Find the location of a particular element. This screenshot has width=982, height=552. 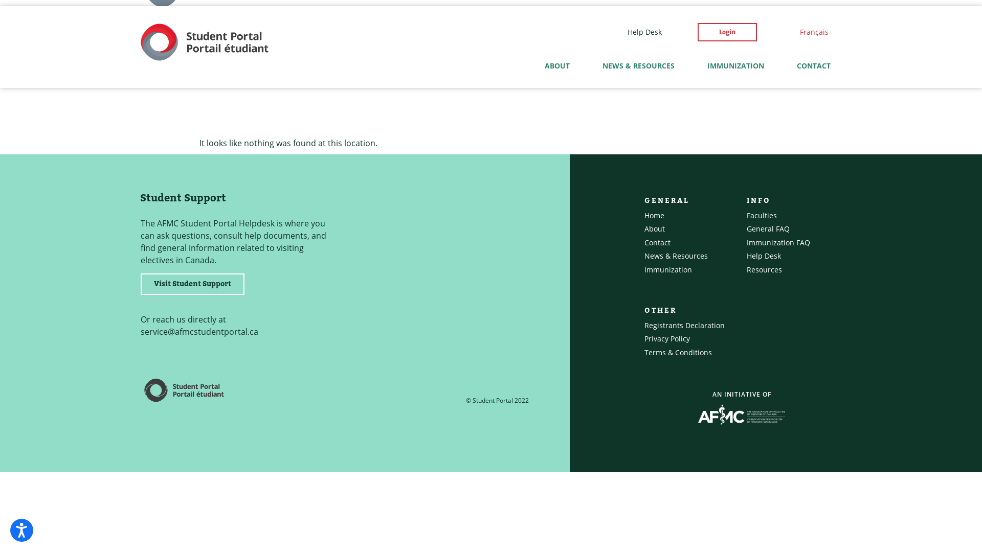

'NEWS & RESOURCES' is located at coordinates (638, 65).